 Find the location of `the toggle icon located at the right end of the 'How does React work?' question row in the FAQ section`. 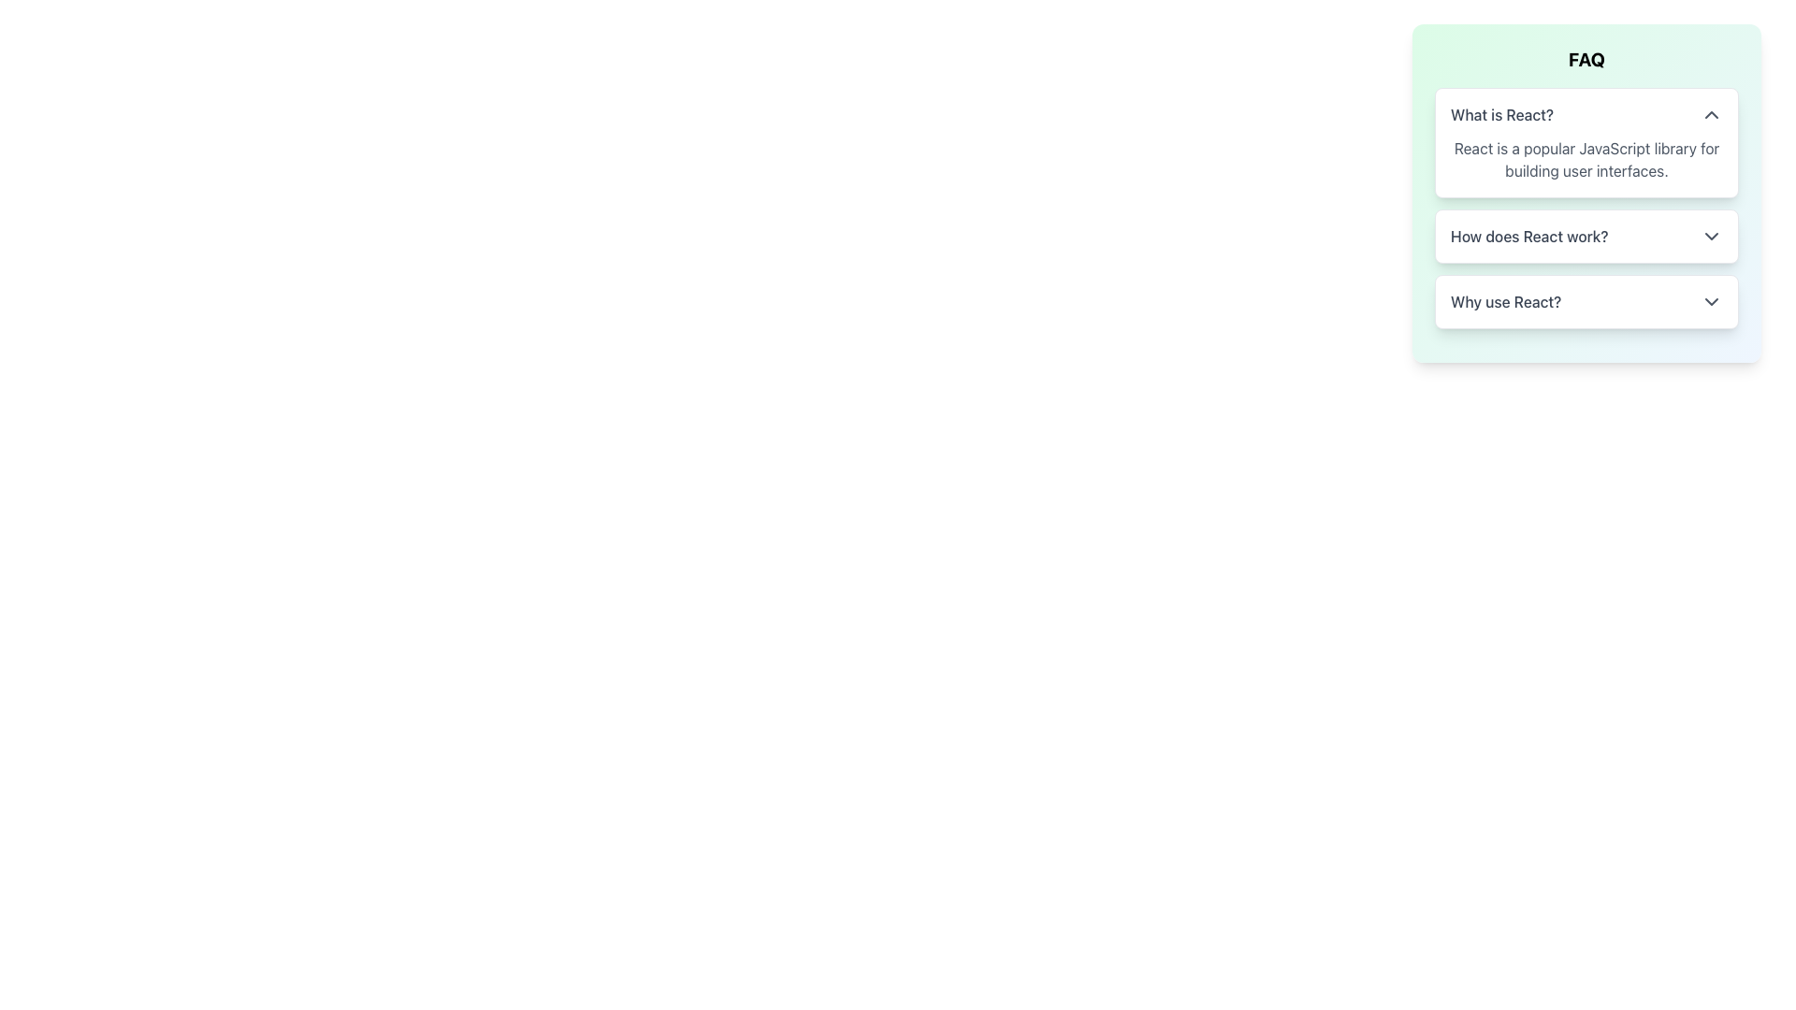

the toggle icon located at the right end of the 'How does React work?' question row in the FAQ section is located at coordinates (1711, 236).